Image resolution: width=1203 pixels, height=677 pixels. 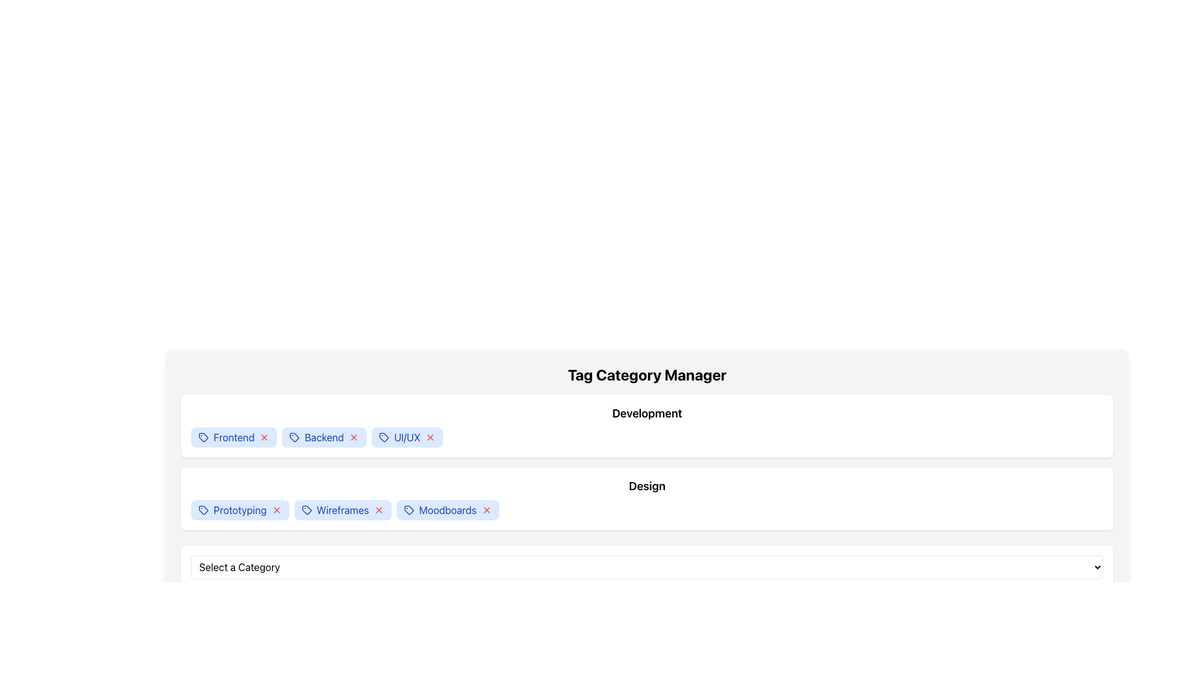 I want to click on the tag-shaped vector graphic component located in the 'Design' category adjacent to the 'Wireframes' label to trigger a tooltip, so click(x=306, y=510).